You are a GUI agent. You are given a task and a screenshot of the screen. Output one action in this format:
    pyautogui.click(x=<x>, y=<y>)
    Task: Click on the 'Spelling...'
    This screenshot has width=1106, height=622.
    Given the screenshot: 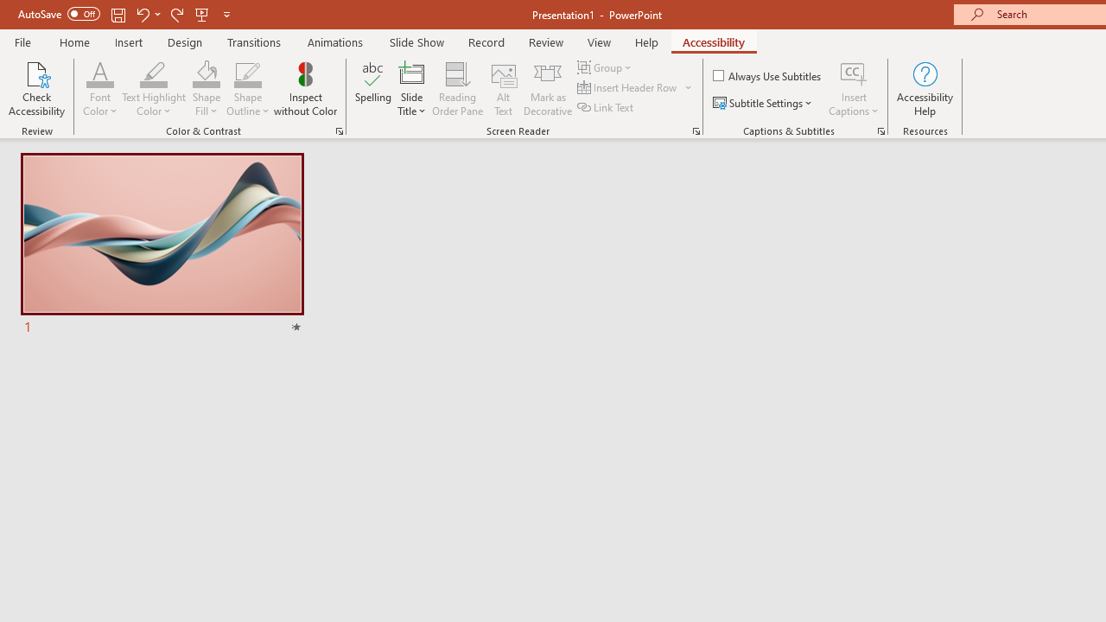 What is the action you would take?
    pyautogui.click(x=372, y=89)
    